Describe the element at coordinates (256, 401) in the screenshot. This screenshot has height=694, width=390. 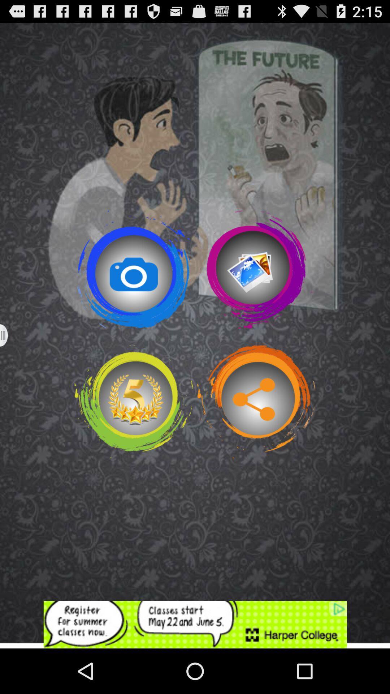
I see `share the image` at that location.